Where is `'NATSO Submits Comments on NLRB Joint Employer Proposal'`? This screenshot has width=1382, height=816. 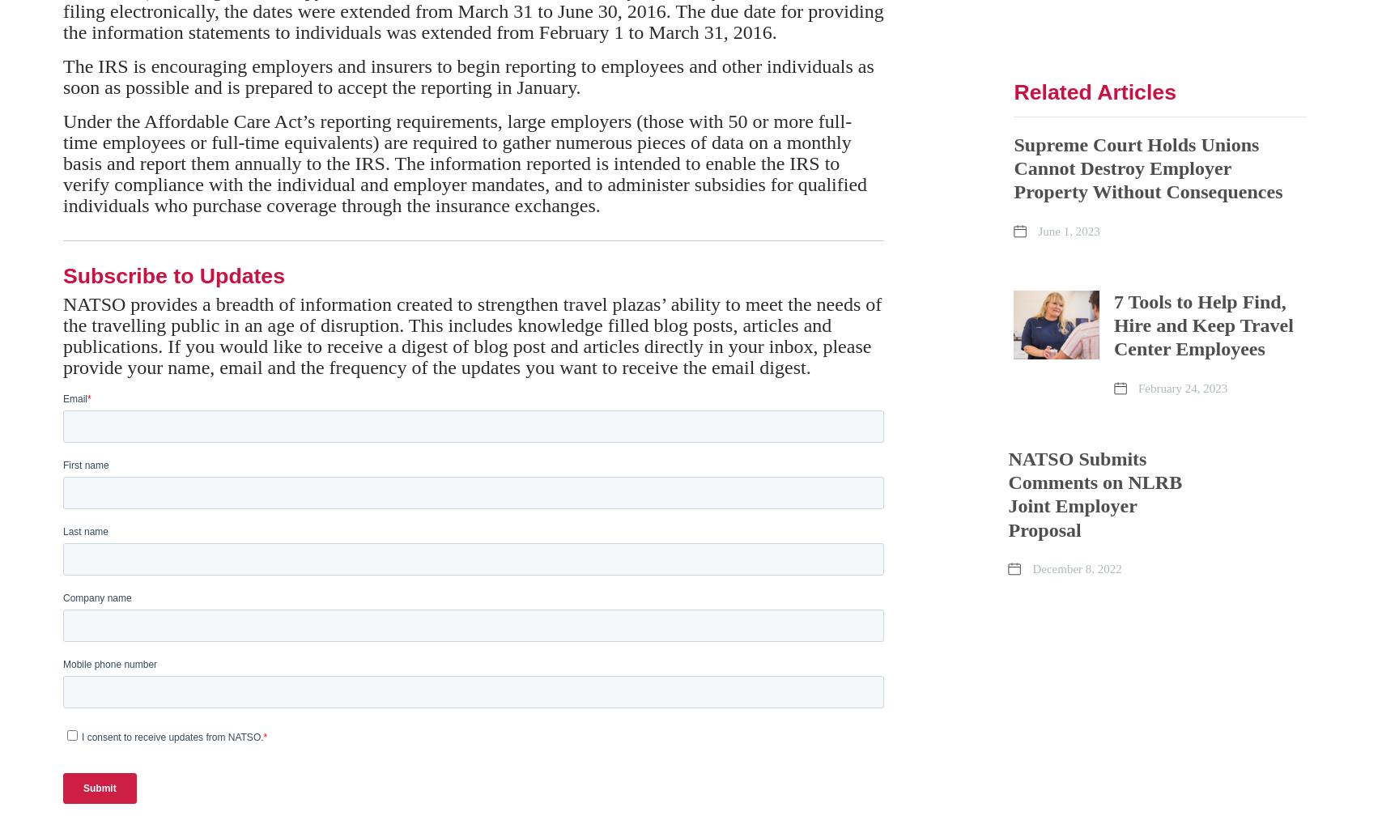 'NATSO Submits Comments on NLRB Joint Employer Proposal' is located at coordinates (1094, 494).